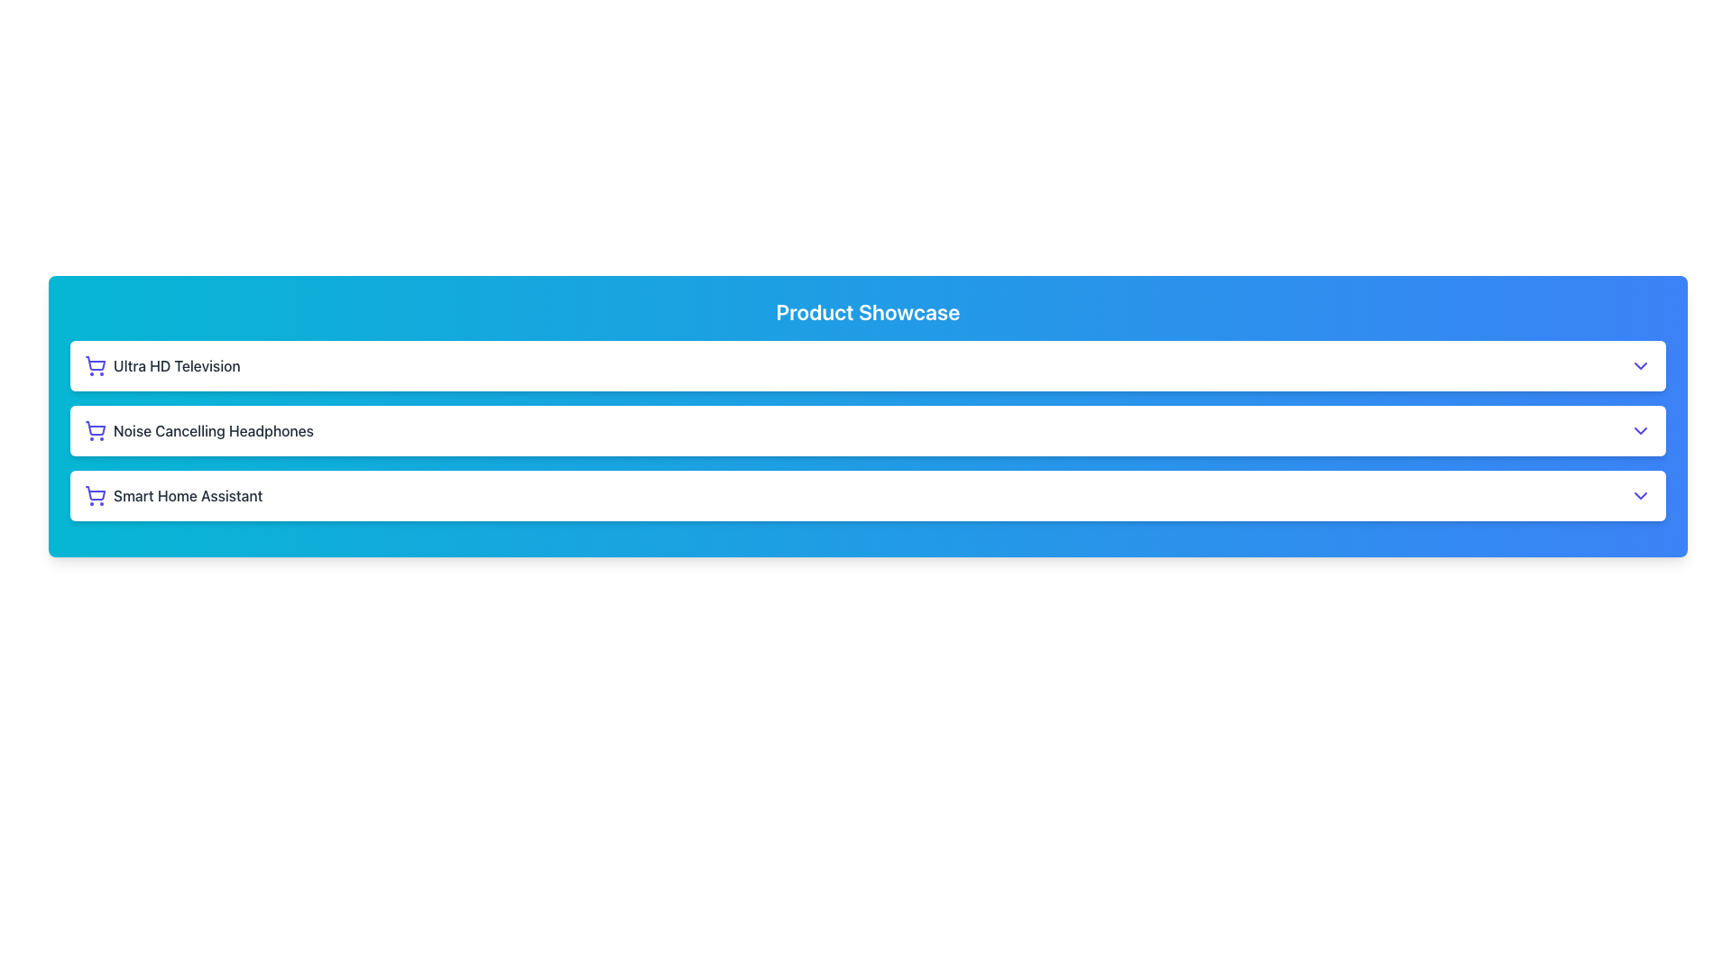 The image size is (1732, 974). Describe the element at coordinates (173, 496) in the screenshot. I see `the label displaying 'Smart Home Assistant', which is the third entry in a vertical list of product names` at that location.